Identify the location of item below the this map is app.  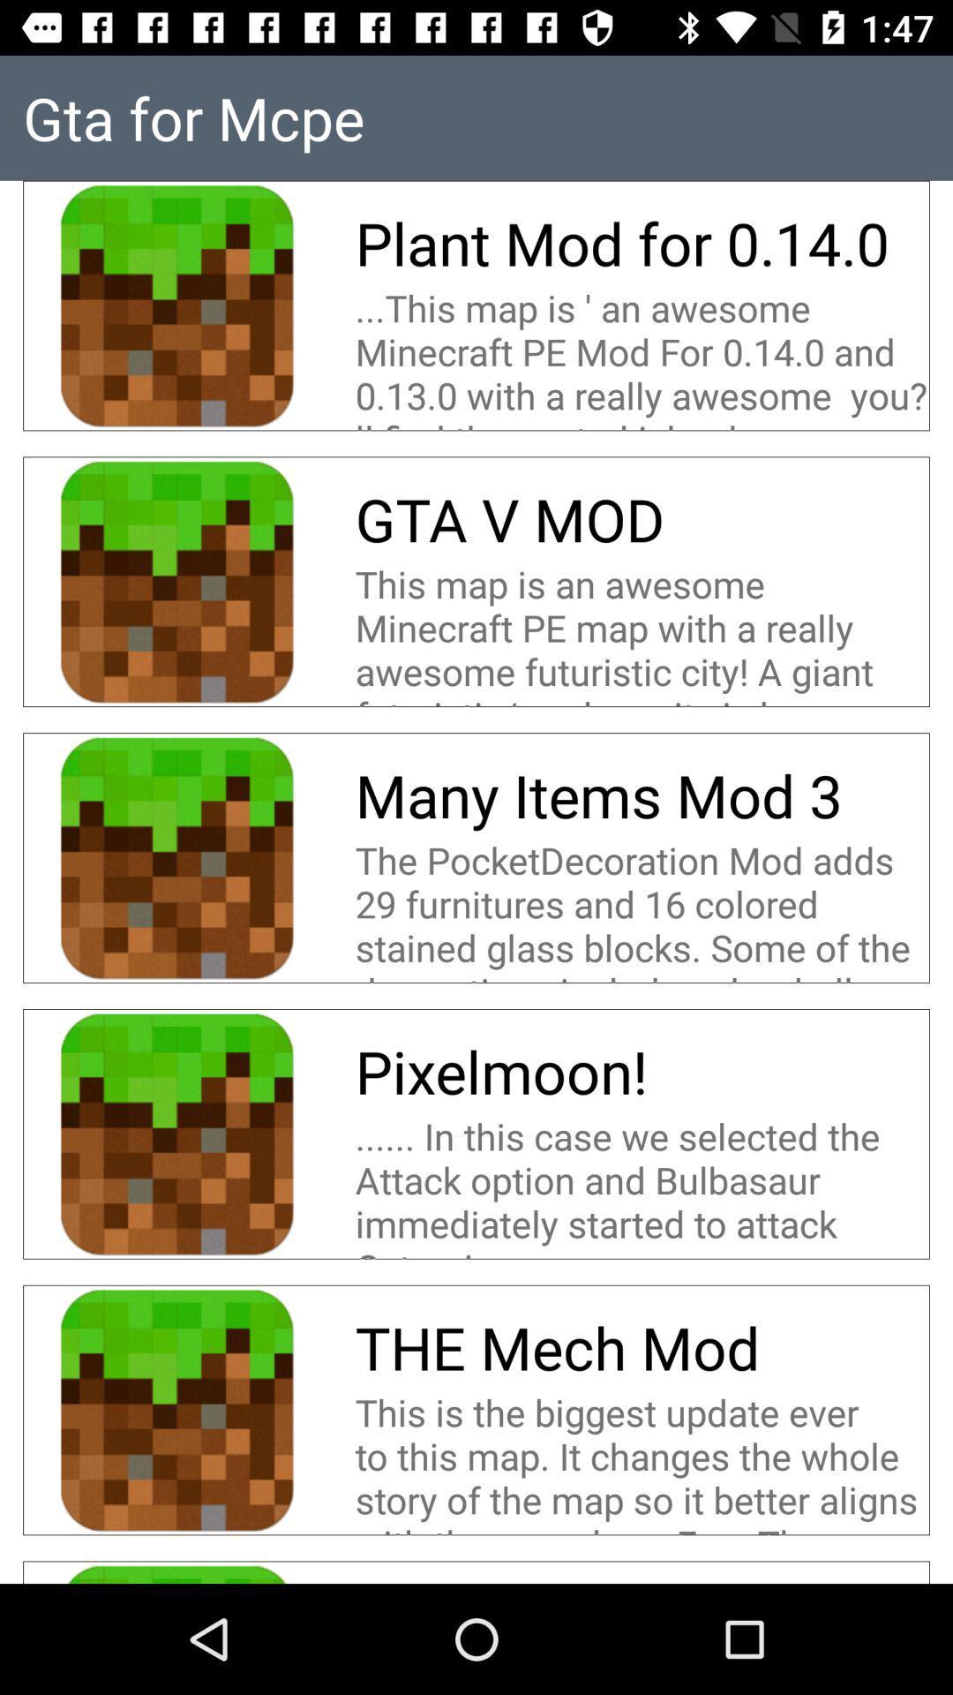
(604, 795).